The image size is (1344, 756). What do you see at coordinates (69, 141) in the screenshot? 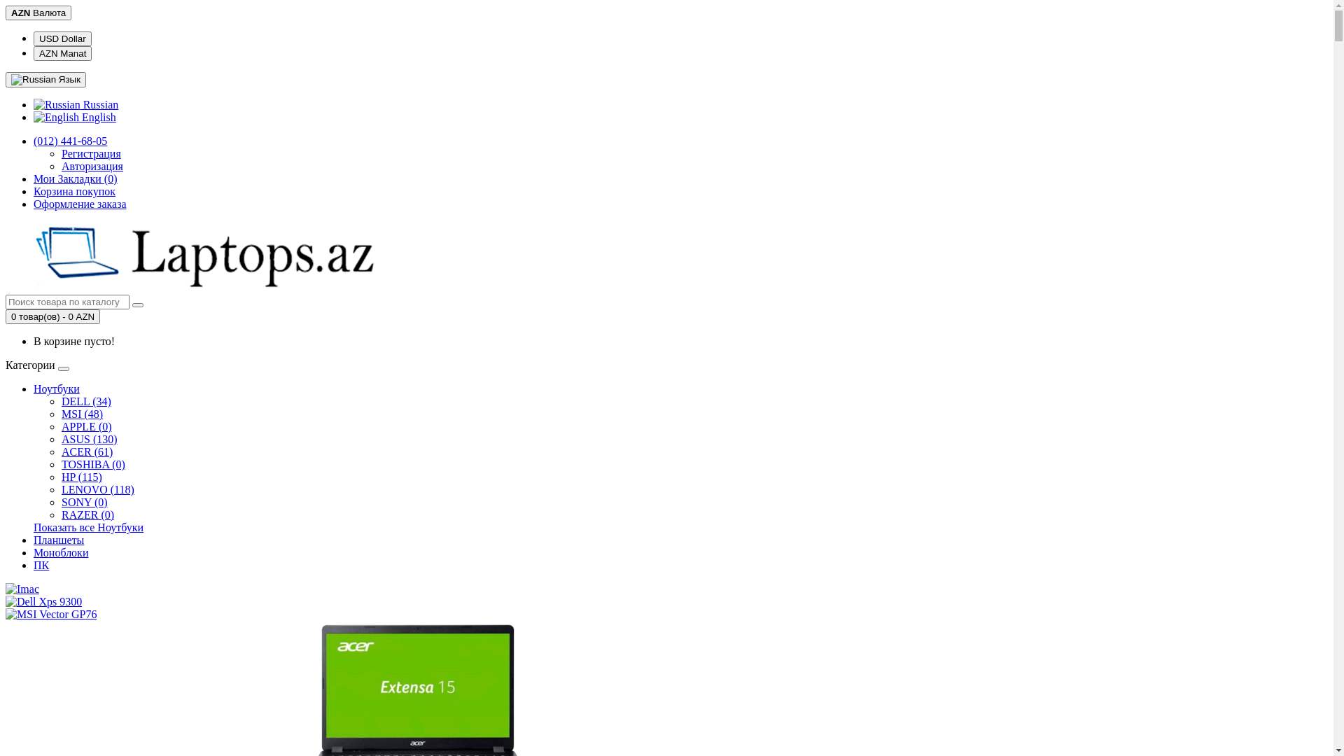
I see `'(012) 441-68-05'` at bounding box center [69, 141].